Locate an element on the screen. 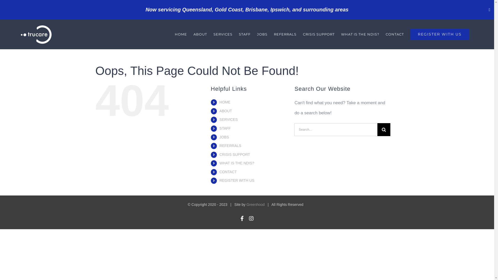 Image resolution: width=498 pixels, height=280 pixels. 'Greenhood' is located at coordinates (255, 204).